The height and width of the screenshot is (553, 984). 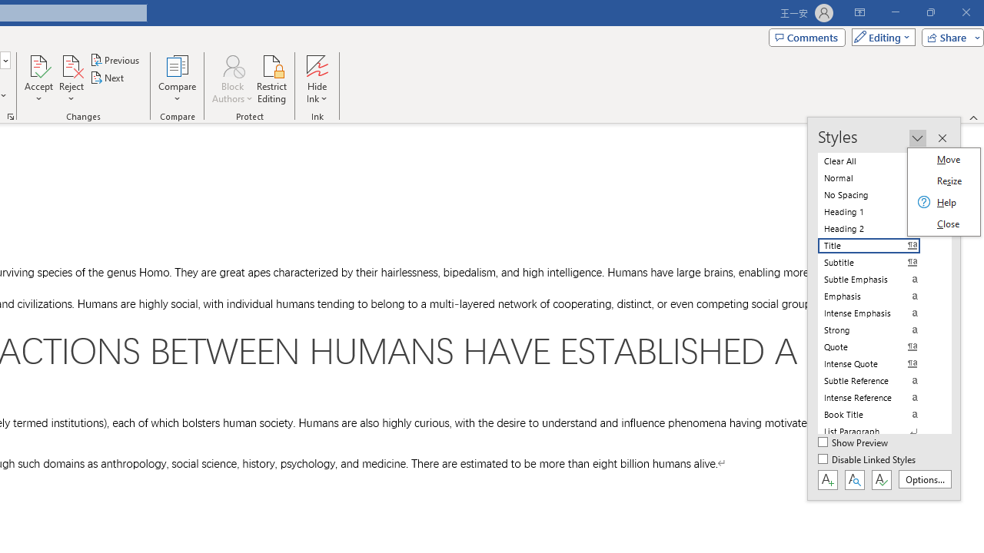 What do you see at coordinates (316, 79) in the screenshot?
I see `'Hide Ink'` at bounding box center [316, 79].